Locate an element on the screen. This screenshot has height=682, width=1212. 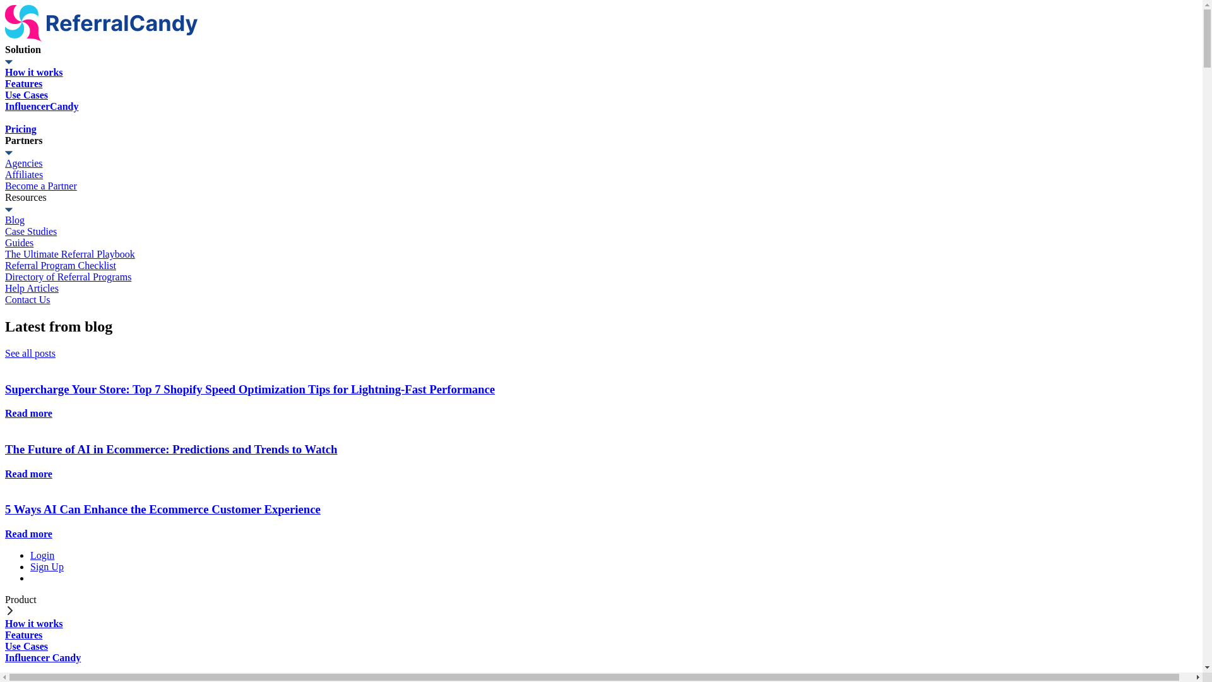
'The Ultimate Referral Playbook' is located at coordinates (5, 254).